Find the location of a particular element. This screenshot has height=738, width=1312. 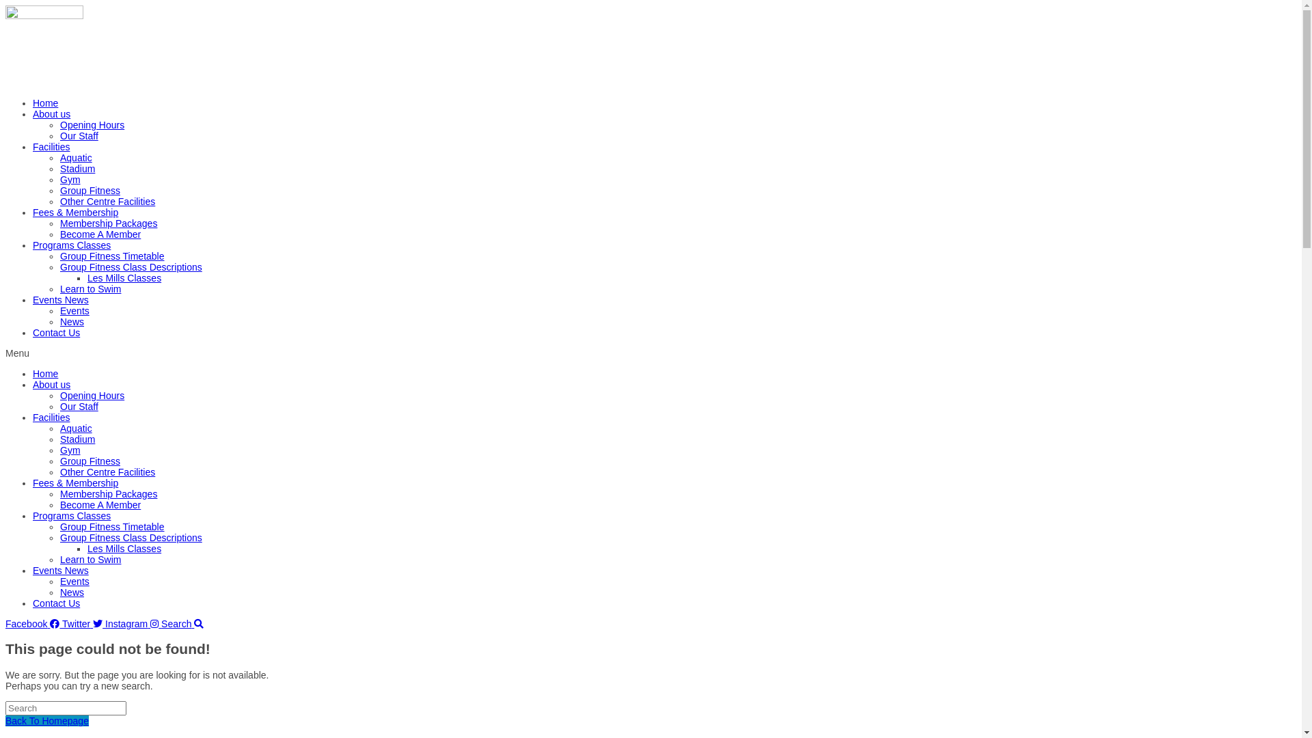

'Twitter' is located at coordinates (83, 624).